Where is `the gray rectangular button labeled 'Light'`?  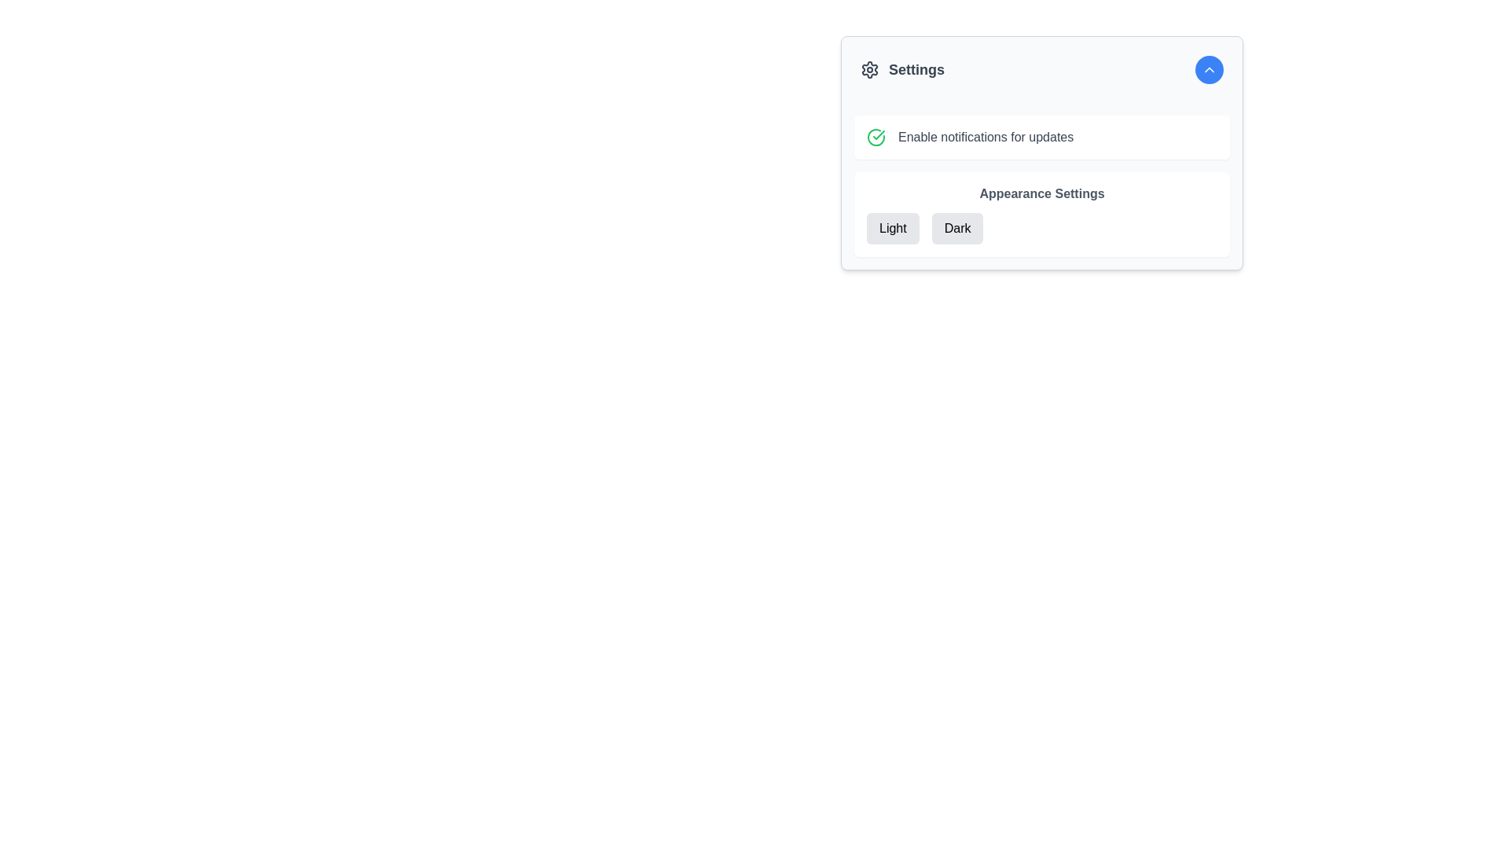 the gray rectangular button labeled 'Light' is located at coordinates (893, 228).